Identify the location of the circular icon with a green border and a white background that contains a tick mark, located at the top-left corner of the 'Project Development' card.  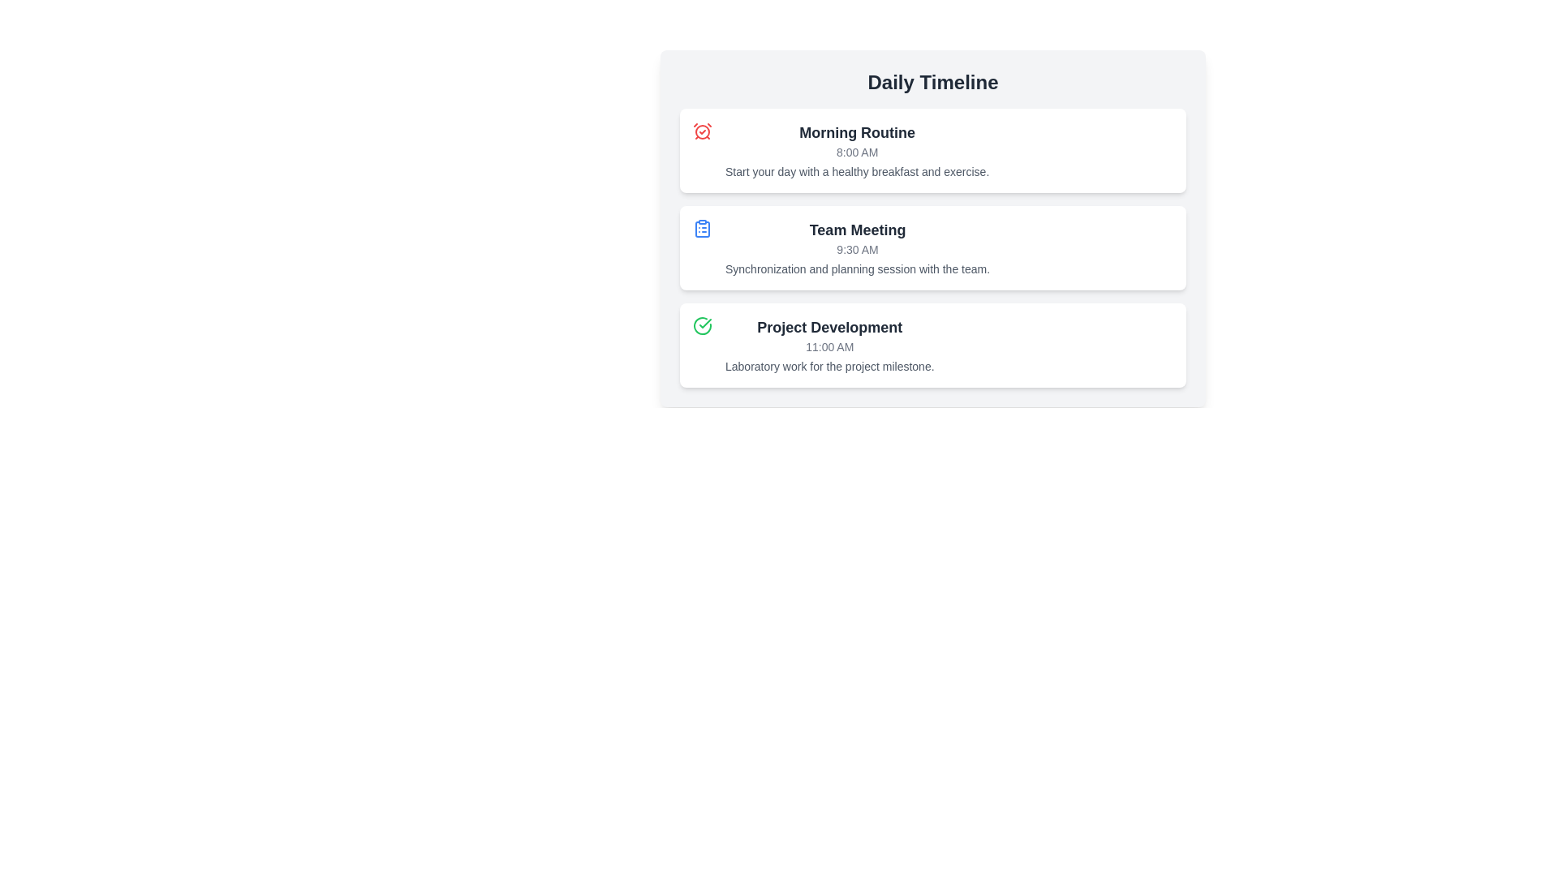
(702, 325).